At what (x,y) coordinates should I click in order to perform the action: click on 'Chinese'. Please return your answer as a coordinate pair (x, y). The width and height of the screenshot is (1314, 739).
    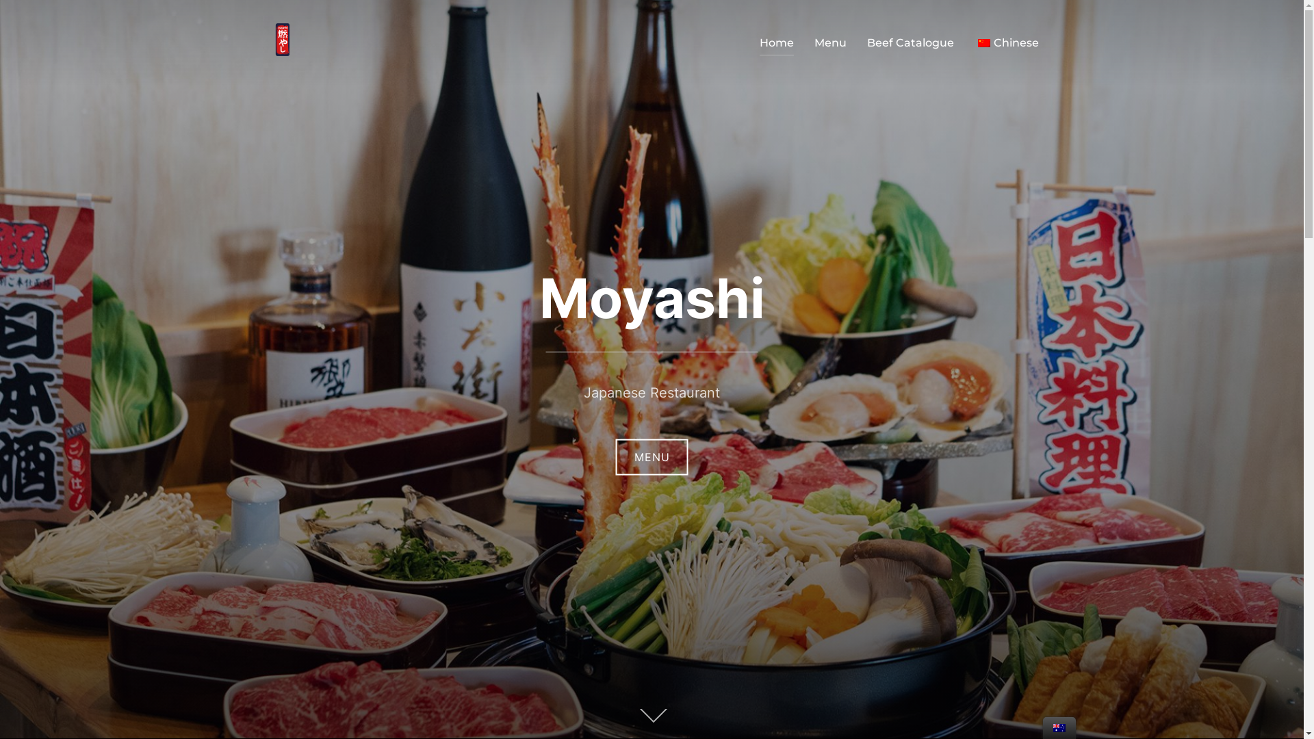
    Looking at the image, I should click on (974, 42).